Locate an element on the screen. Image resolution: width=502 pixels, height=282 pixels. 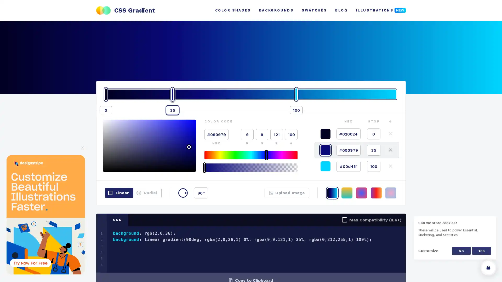
Linear is located at coordinates (119, 193).